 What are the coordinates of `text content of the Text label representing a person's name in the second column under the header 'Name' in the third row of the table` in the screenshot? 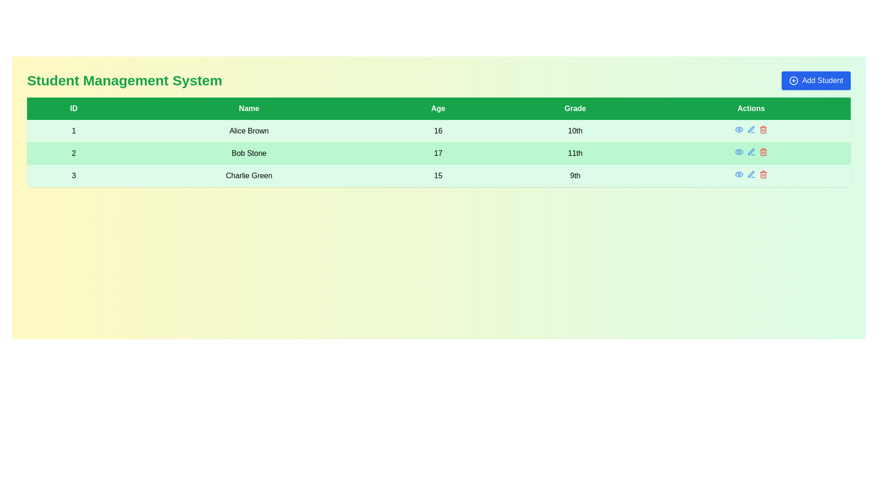 It's located at (249, 176).